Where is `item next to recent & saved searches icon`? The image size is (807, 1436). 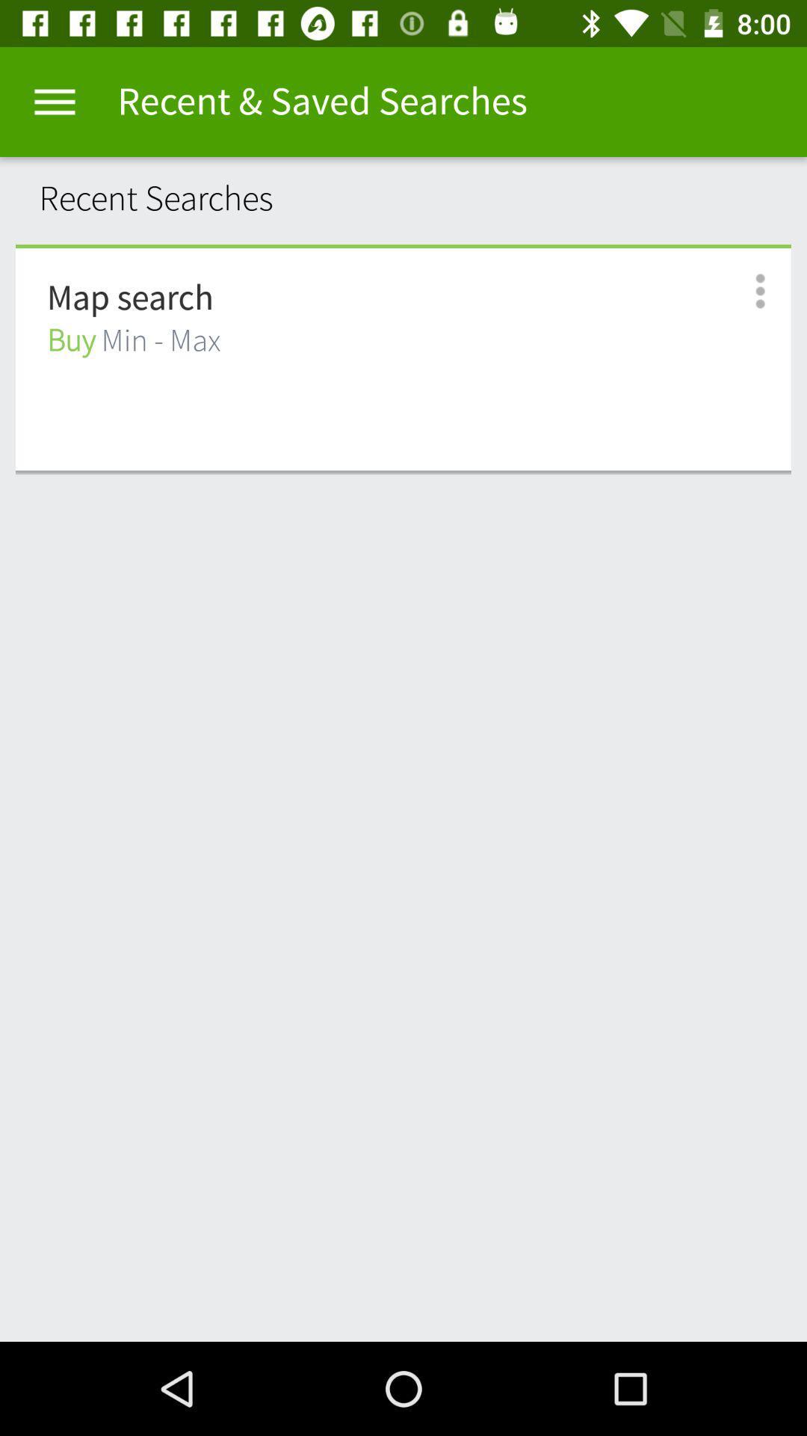 item next to recent & saved searches icon is located at coordinates (54, 101).